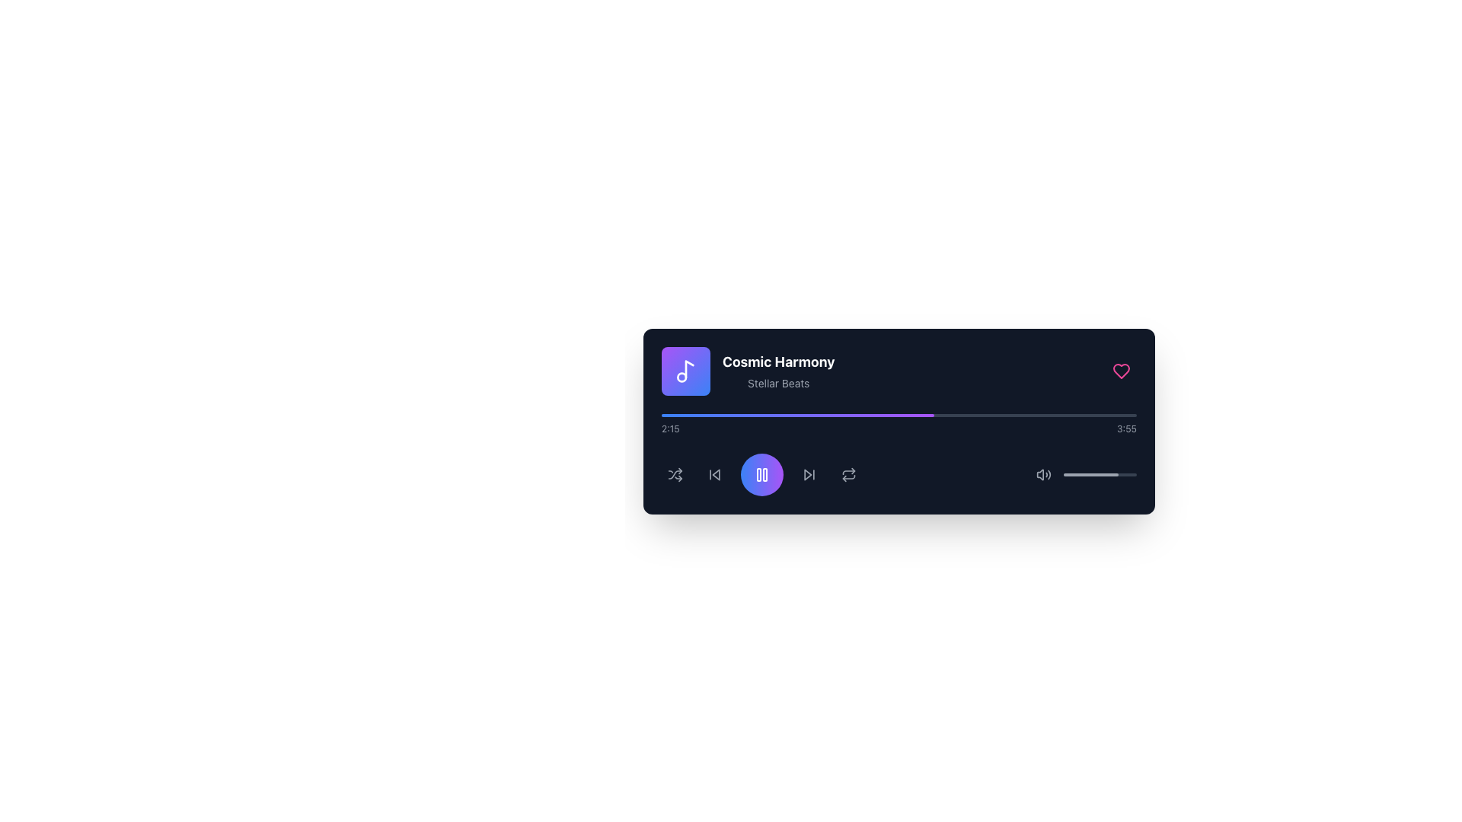  I want to click on the left bar of the pause icon, which is part of a circular button in the media player interface, so click(759, 474).